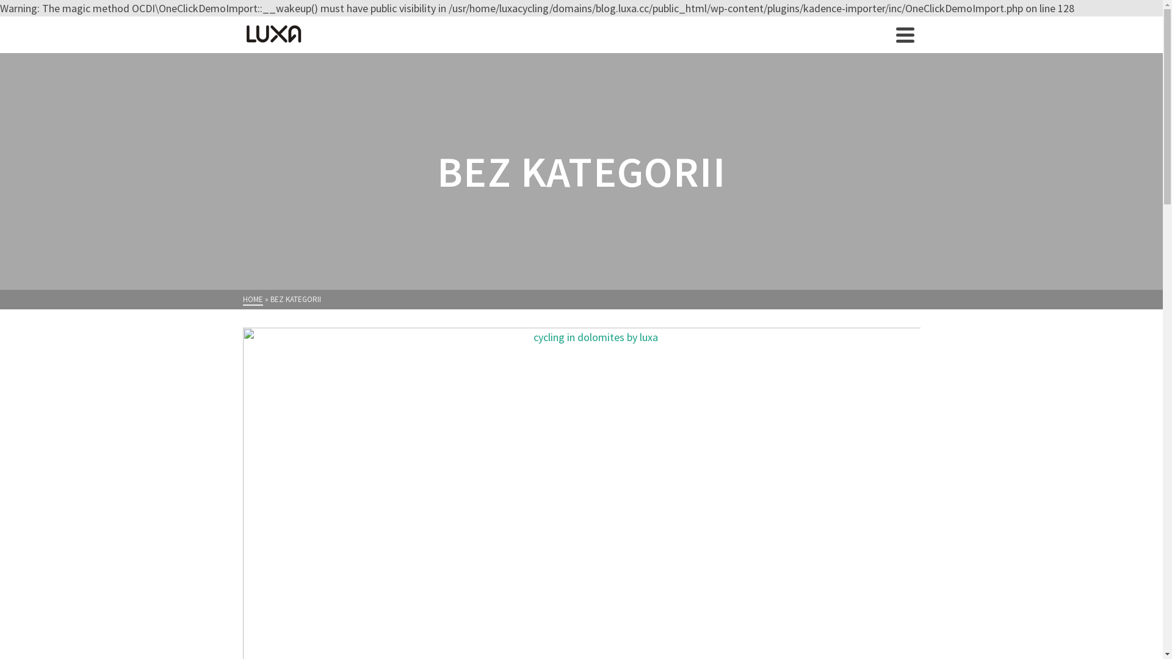 This screenshot has width=1172, height=659. What do you see at coordinates (252, 300) in the screenshot?
I see `'HOME'` at bounding box center [252, 300].